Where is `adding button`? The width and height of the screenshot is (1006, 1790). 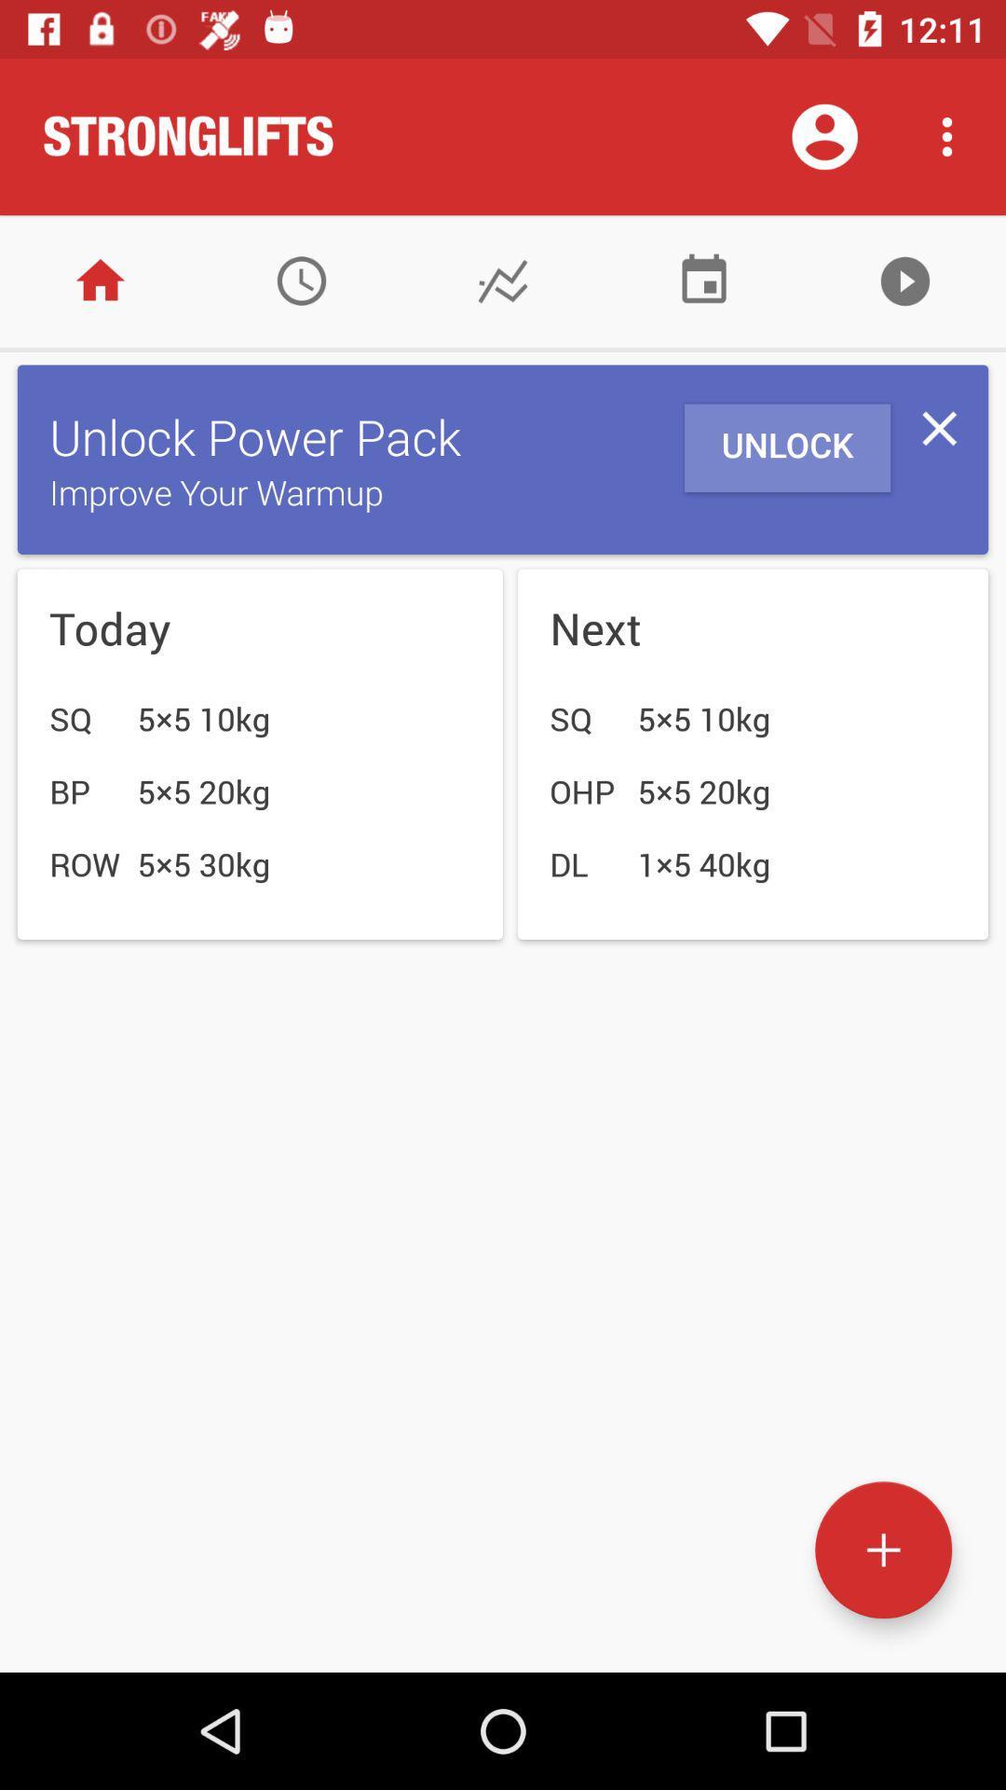 adding button is located at coordinates (882, 1549).